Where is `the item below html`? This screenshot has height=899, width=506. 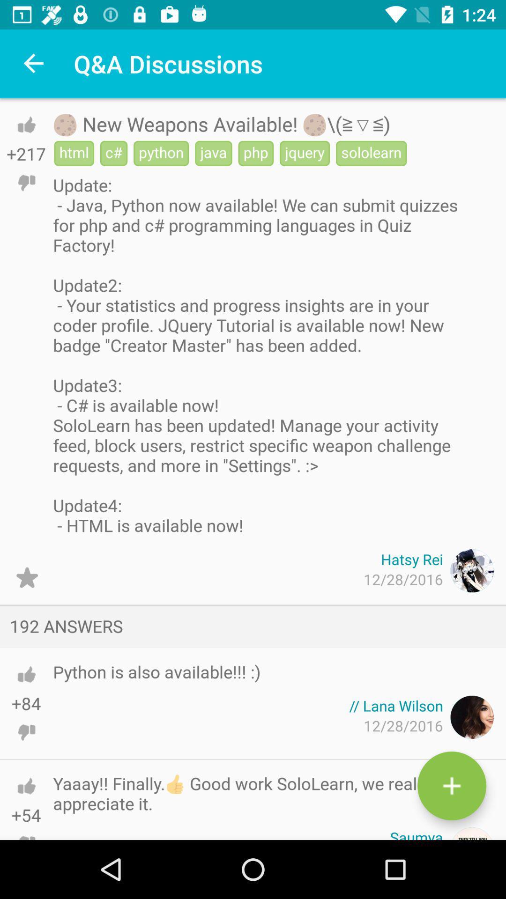 the item below html is located at coordinates (257, 354).